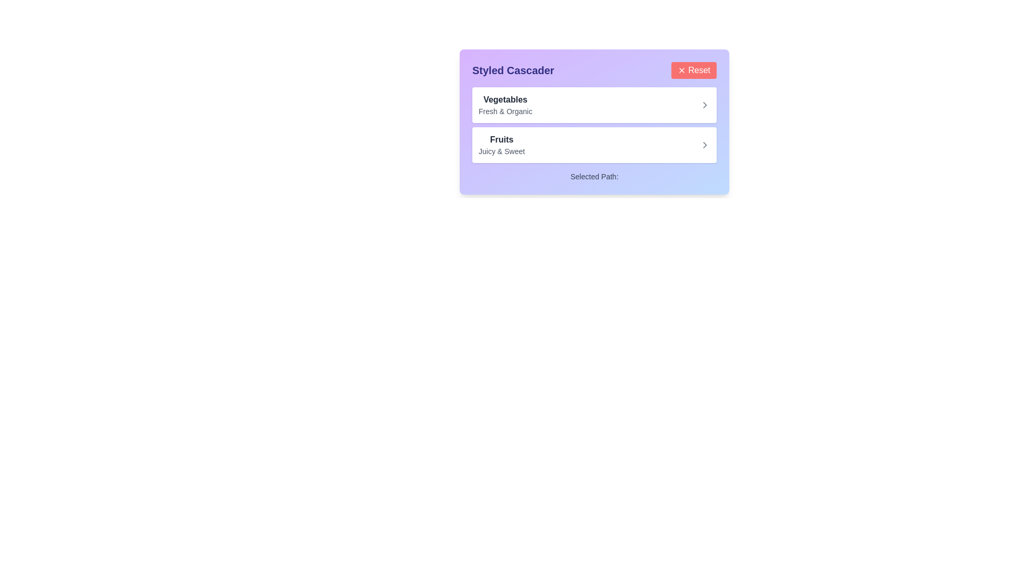  What do you see at coordinates (506, 105) in the screenshot?
I see `the text label for 'Vegetables'` at bounding box center [506, 105].